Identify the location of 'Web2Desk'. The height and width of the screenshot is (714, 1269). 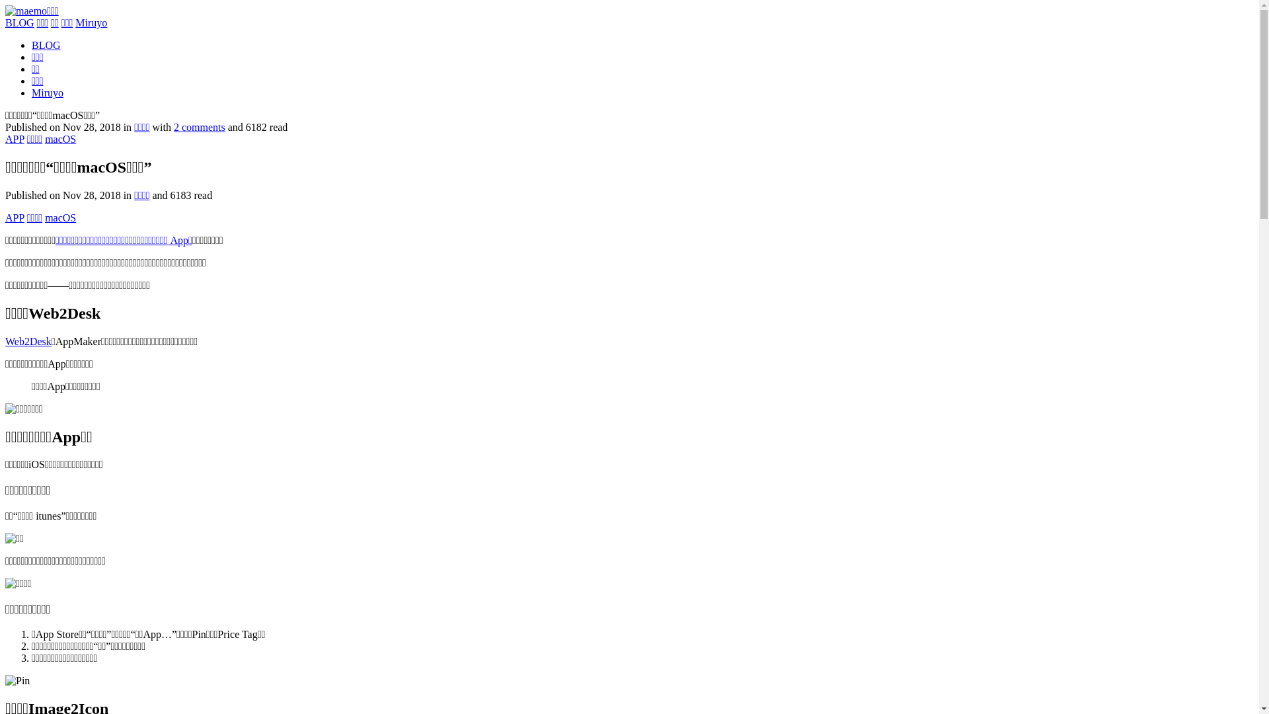
(28, 340).